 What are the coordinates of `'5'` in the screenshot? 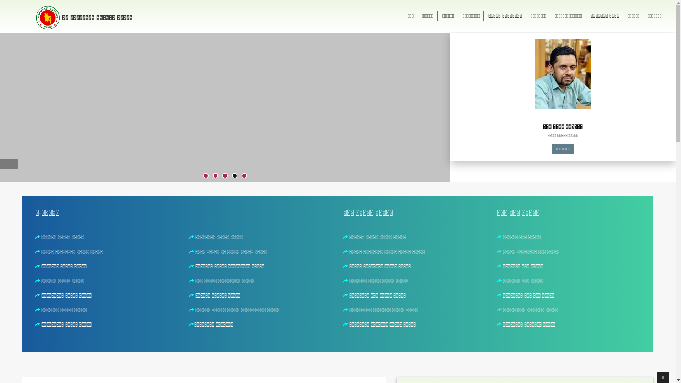 It's located at (244, 176).